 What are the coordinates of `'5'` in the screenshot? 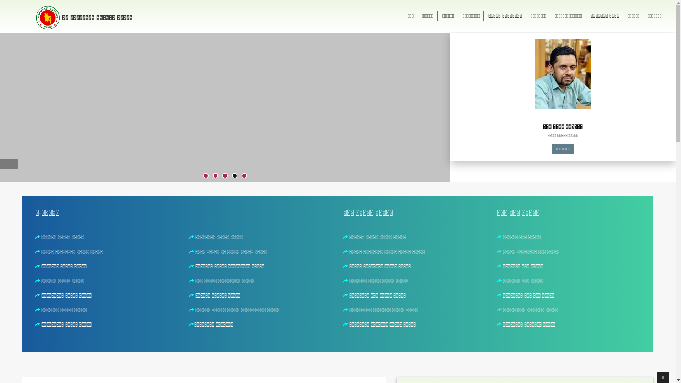 It's located at (244, 176).